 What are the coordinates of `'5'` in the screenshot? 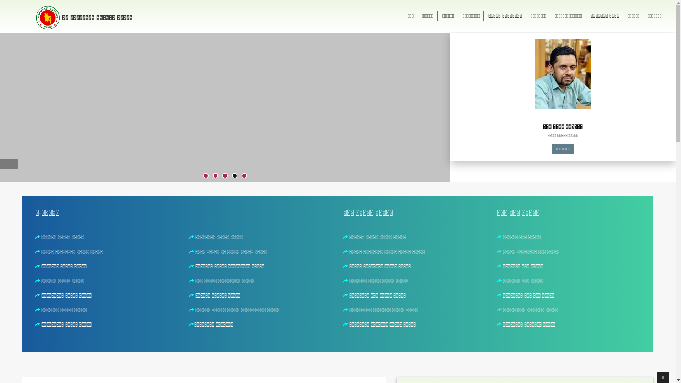 It's located at (244, 176).